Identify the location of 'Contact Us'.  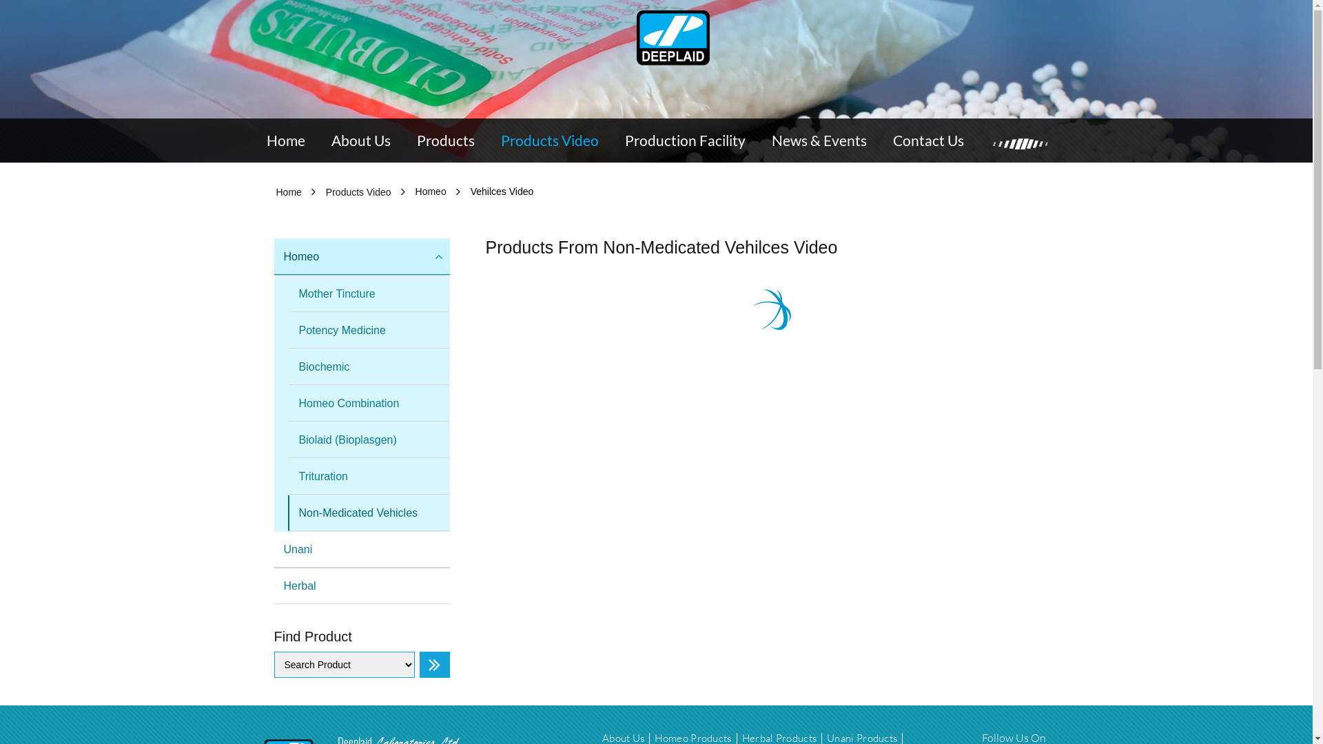
(928, 141).